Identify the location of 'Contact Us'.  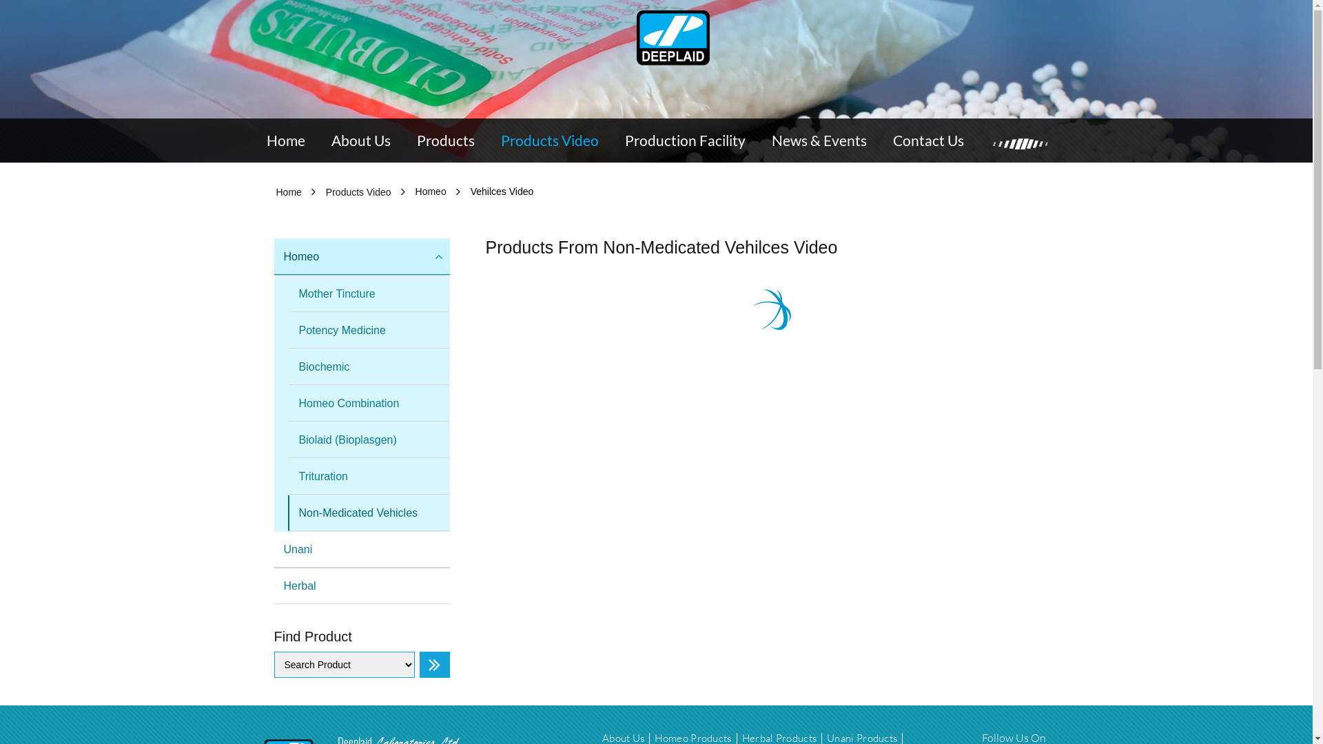
(928, 141).